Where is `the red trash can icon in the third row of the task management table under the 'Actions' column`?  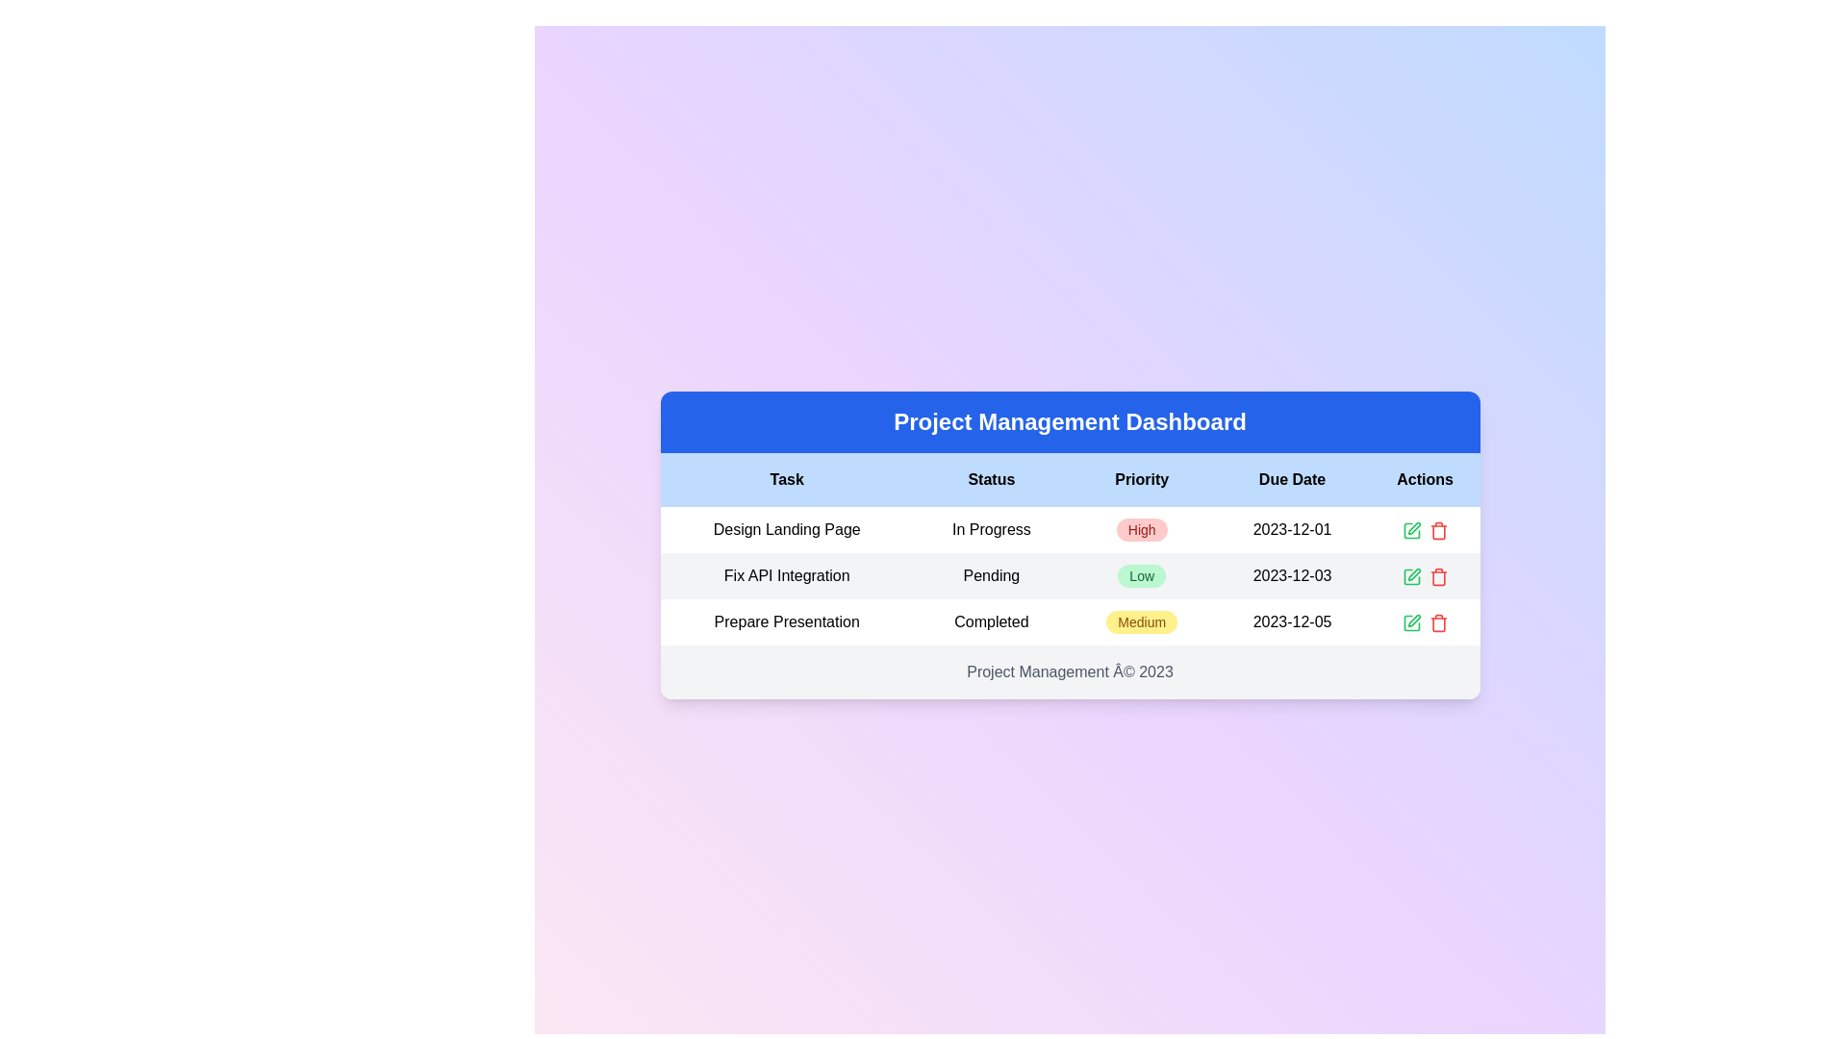
the red trash can icon in the third row of the task management table under the 'Actions' column is located at coordinates (1438, 574).